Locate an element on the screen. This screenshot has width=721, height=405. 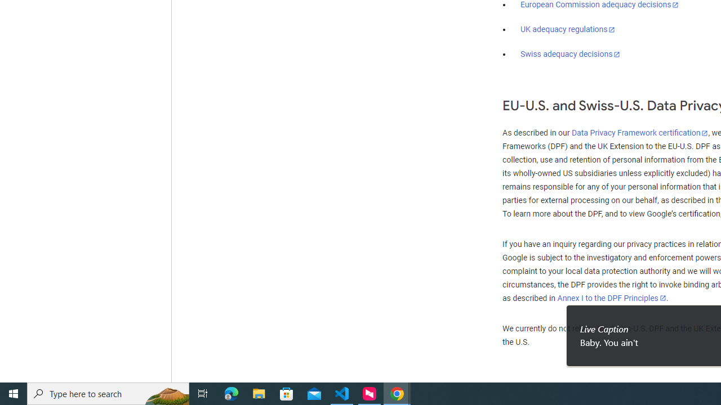
'European Commission adequacy decisions' is located at coordinates (599, 5).